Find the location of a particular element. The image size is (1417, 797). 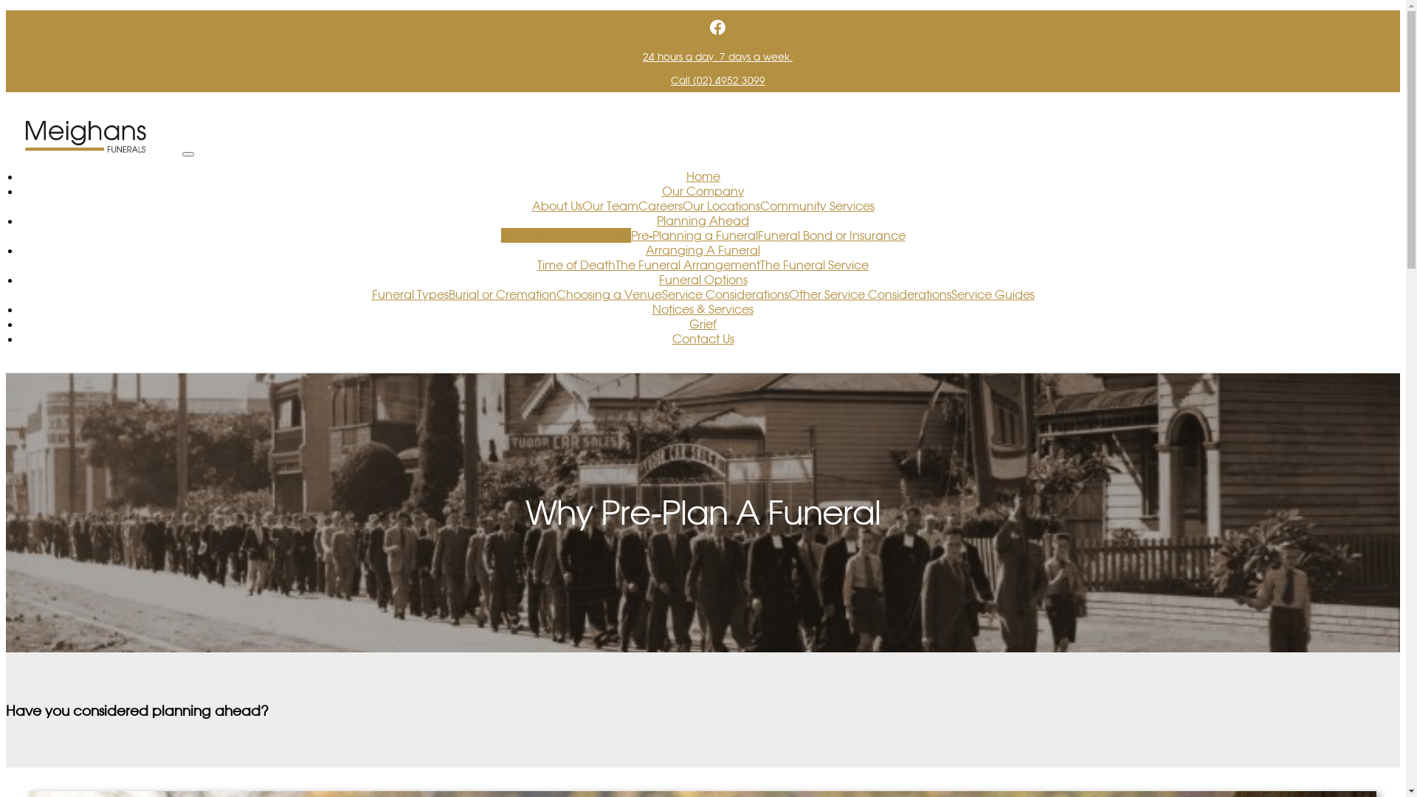

'Funeral Options' is located at coordinates (701, 279).